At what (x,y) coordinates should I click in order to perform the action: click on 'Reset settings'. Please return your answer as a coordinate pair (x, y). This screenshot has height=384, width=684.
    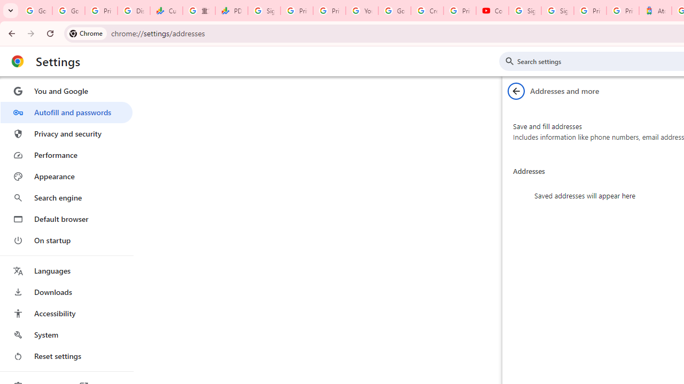
    Looking at the image, I should click on (66, 356).